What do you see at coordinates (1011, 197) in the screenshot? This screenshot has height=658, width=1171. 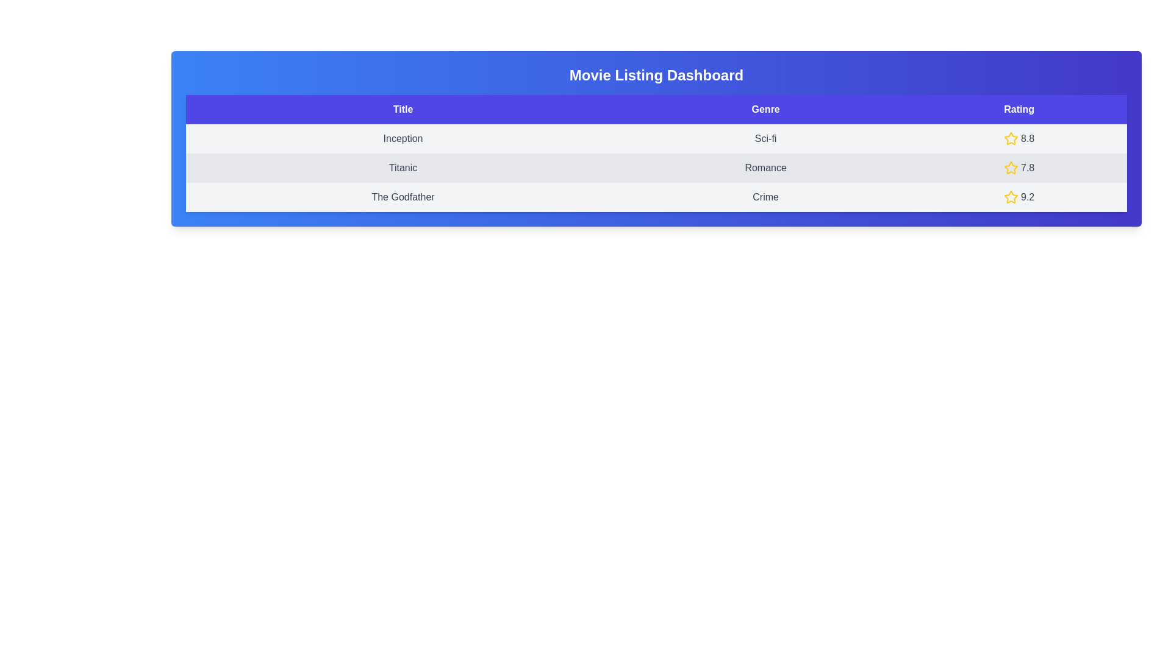 I see `the yellow star icon located in the third row of the 'Rating' column, next to the numerical value '9.2'` at bounding box center [1011, 197].